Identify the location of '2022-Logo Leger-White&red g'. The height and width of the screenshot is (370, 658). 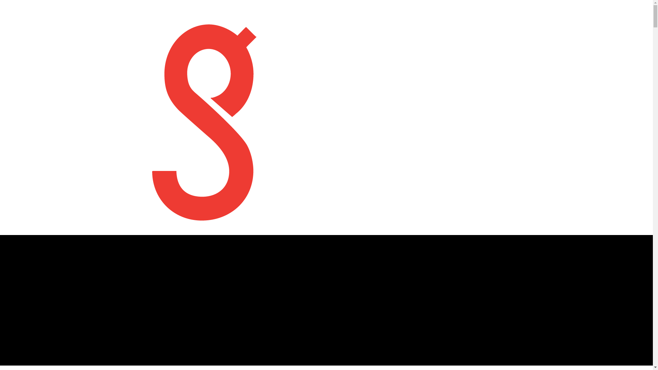
(204, 117).